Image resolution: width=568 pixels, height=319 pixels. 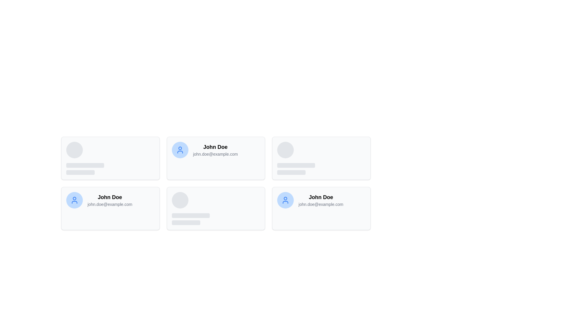 What do you see at coordinates (191, 219) in the screenshot?
I see `the Loading Placeholder, which consists of two vertically stacked rectangular placeholders with rounded corners and a light gray background, located in the bottom-middle card of a six-card grid layout` at bounding box center [191, 219].